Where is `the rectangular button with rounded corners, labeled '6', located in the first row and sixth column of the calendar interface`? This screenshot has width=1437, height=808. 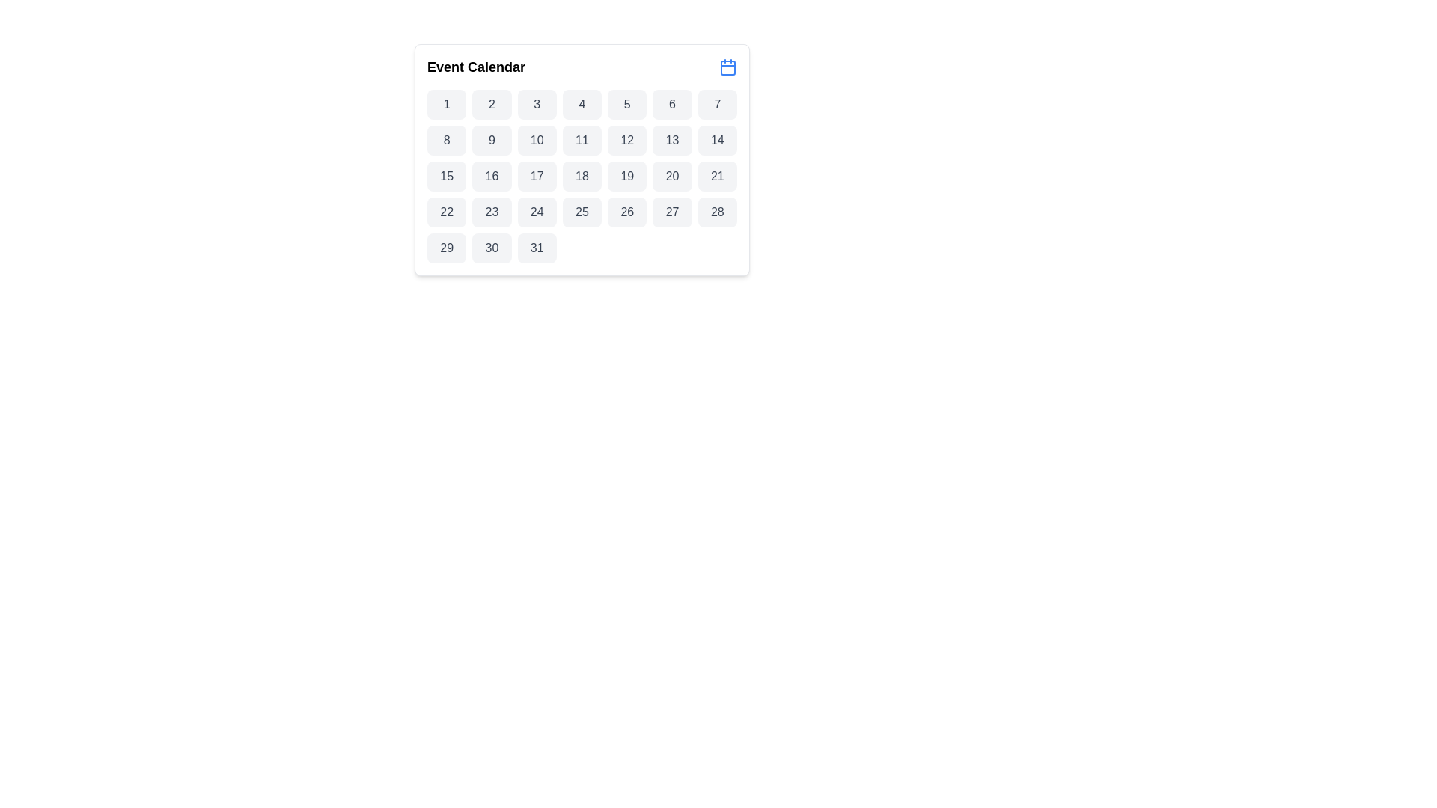
the rectangular button with rounded corners, labeled '6', located in the first row and sixth column of the calendar interface is located at coordinates (671, 103).